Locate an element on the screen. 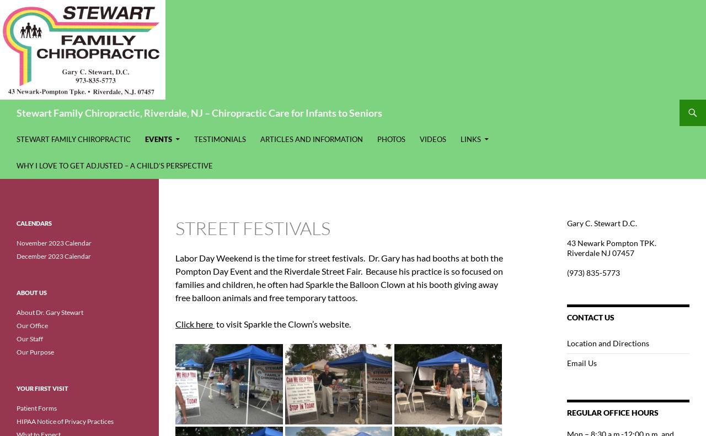 The height and width of the screenshot is (436, 706). 'Your First Visit' is located at coordinates (42, 388).